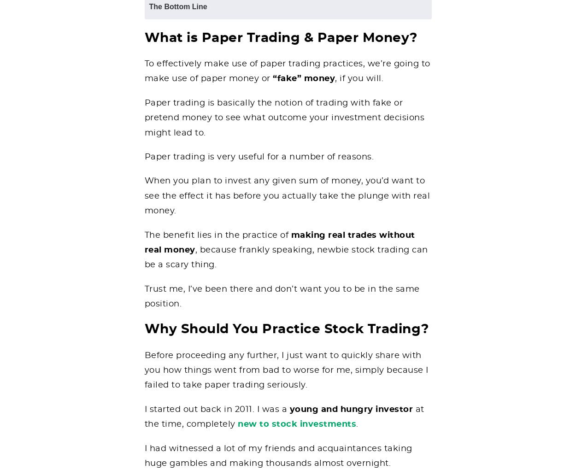 The height and width of the screenshot is (476, 576). Describe the element at coordinates (359, 78) in the screenshot. I see `', if you will.'` at that location.